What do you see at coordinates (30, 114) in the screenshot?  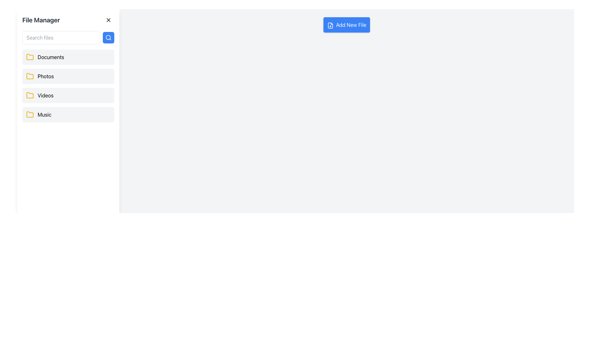 I see `the yellow folder icon representing the Music folder located` at bounding box center [30, 114].